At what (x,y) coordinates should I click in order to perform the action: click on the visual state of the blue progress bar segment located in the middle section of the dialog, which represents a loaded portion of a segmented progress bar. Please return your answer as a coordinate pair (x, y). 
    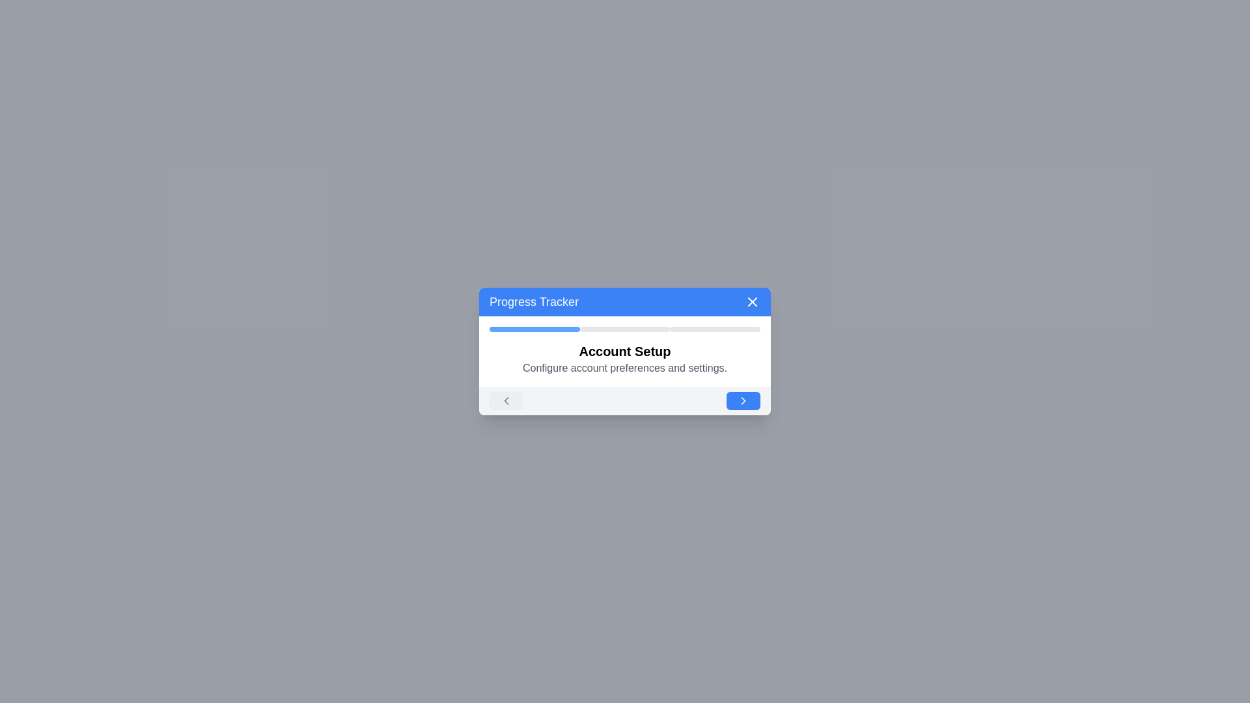
    Looking at the image, I should click on (535, 328).